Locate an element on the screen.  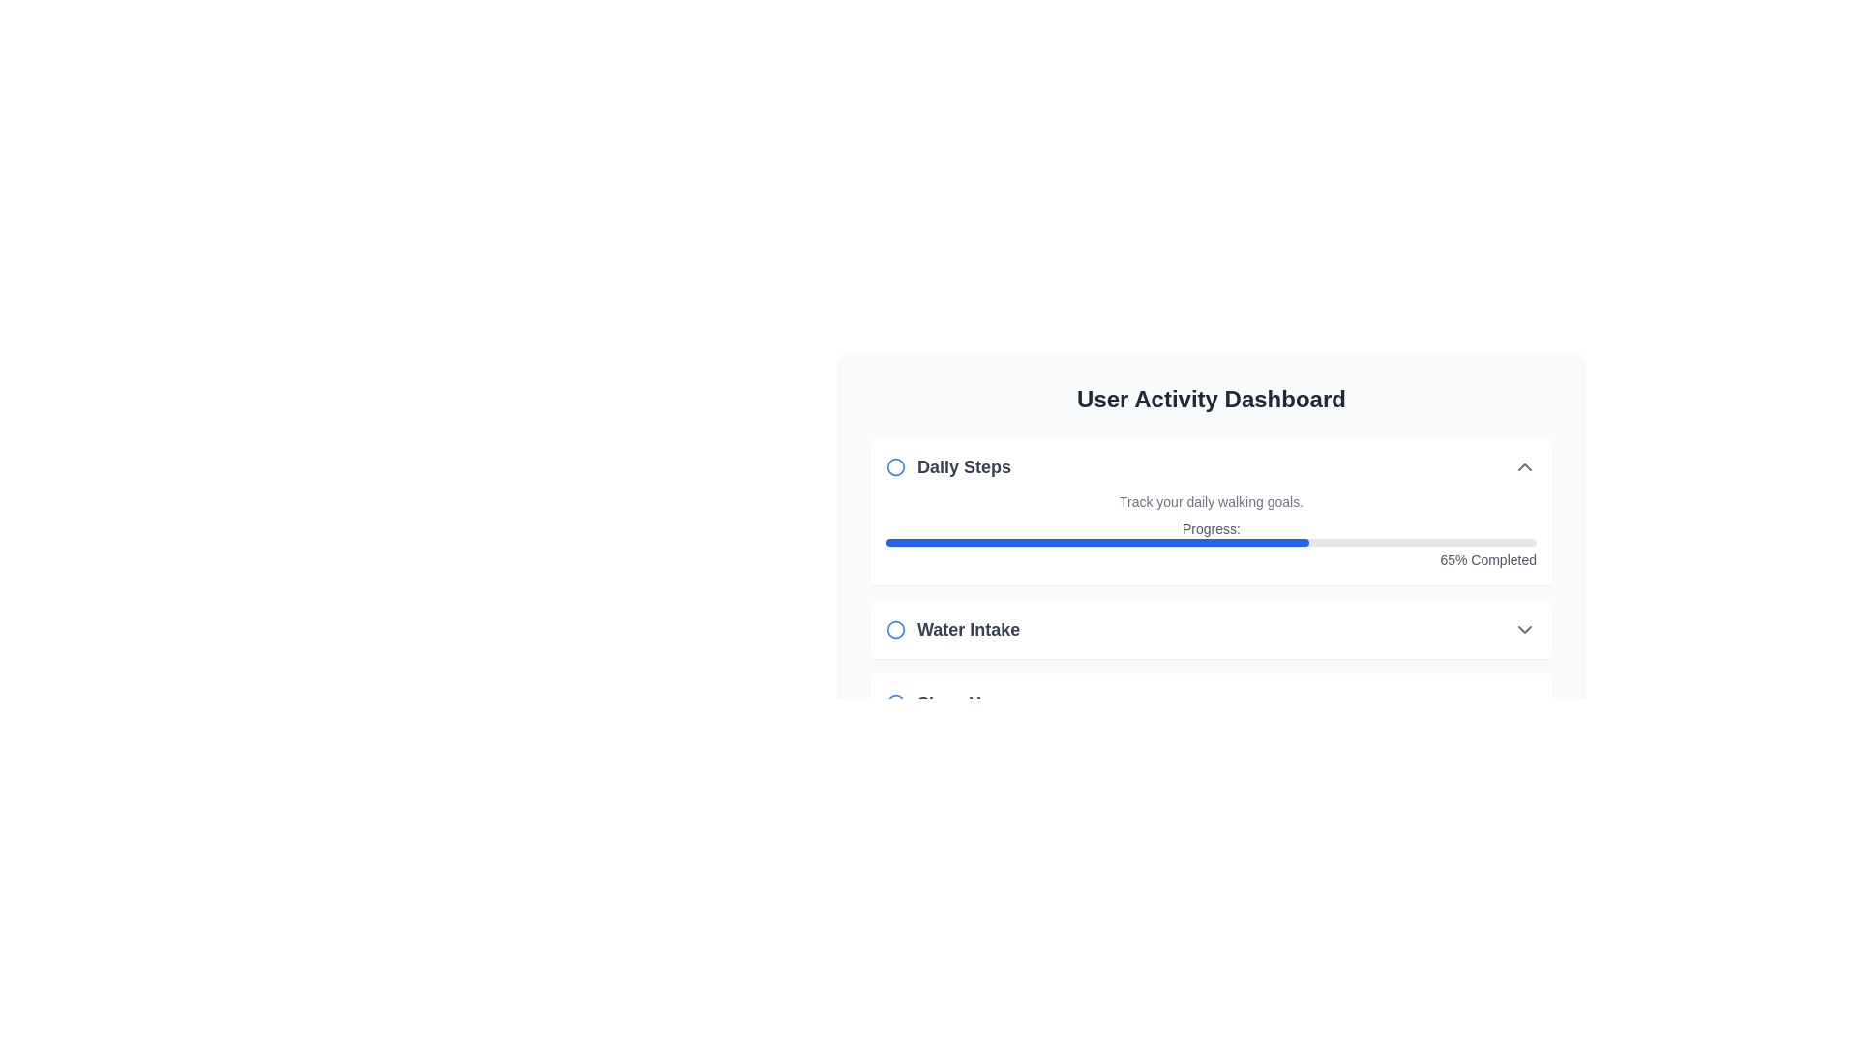
the 'Daily Steps' text label, which is displayed in a larger, bold gray font and is positioned to the right of a circular blue icon in the User Activity Dashboard is located at coordinates (964, 466).